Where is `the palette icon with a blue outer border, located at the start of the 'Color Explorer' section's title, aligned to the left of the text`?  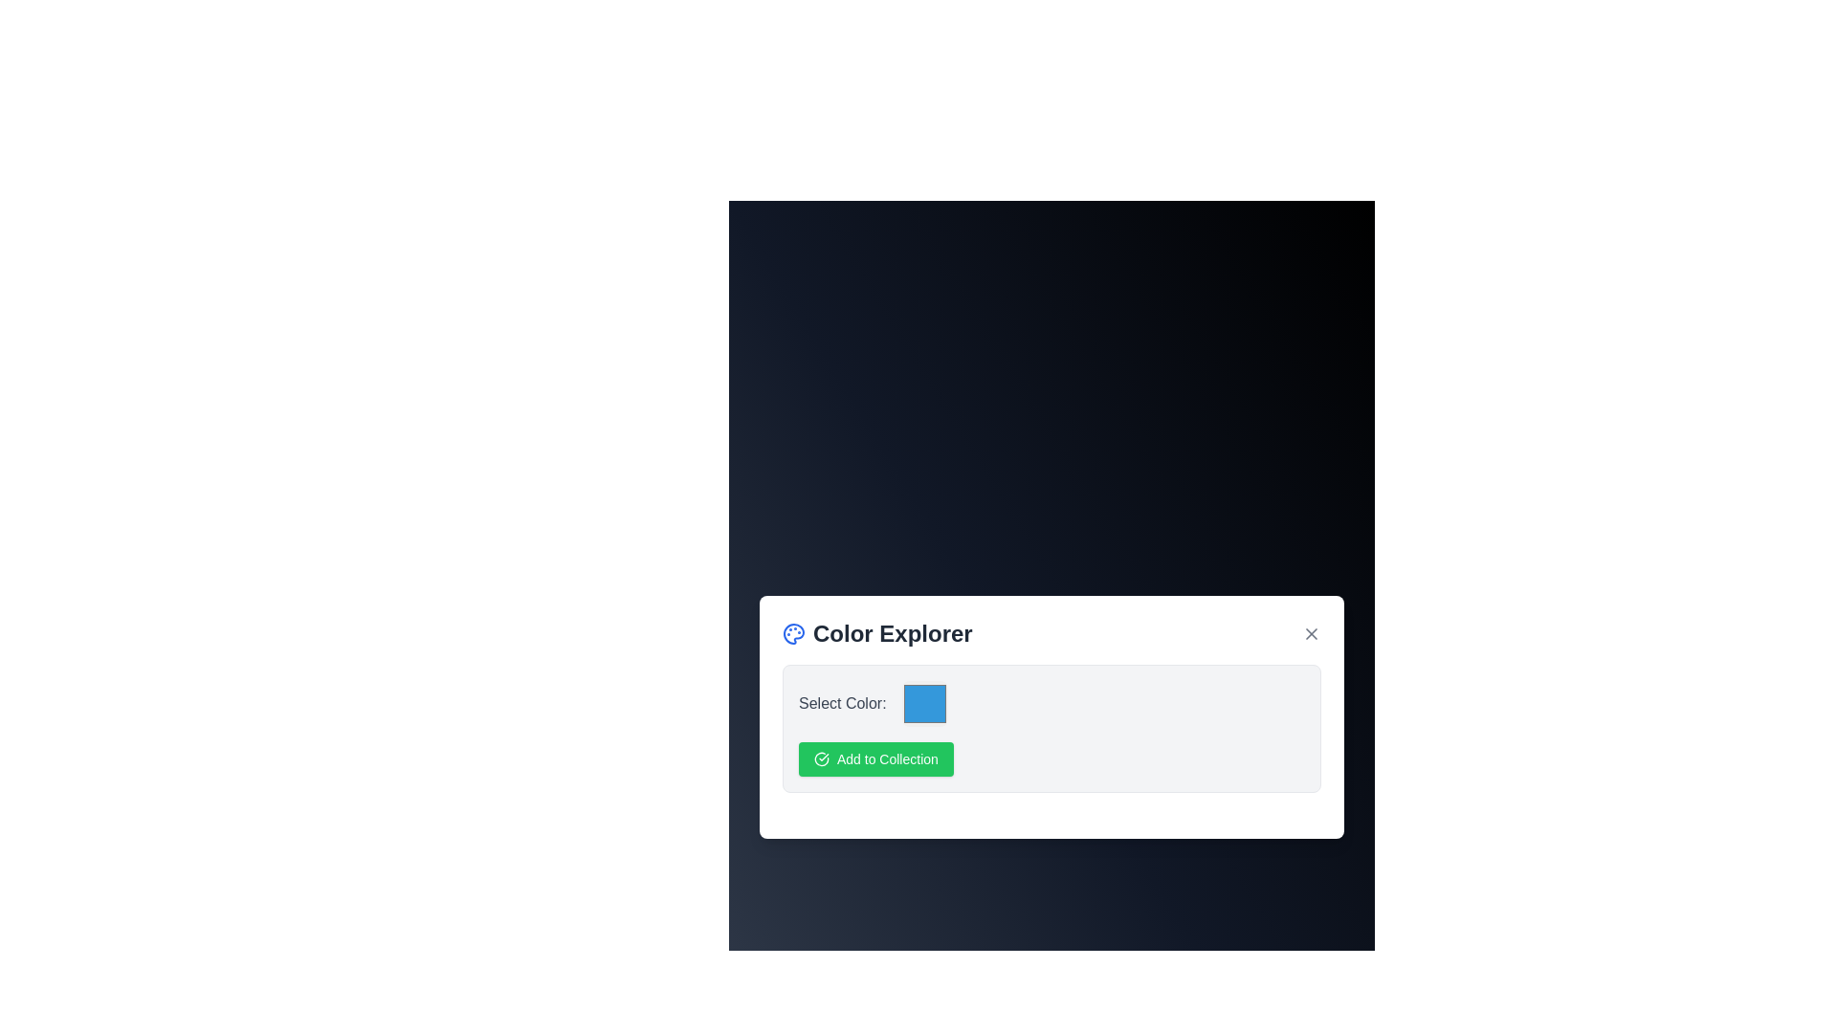 the palette icon with a blue outer border, located at the start of the 'Color Explorer' section's title, aligned to the left of the text is located at coordinates (794, 634).